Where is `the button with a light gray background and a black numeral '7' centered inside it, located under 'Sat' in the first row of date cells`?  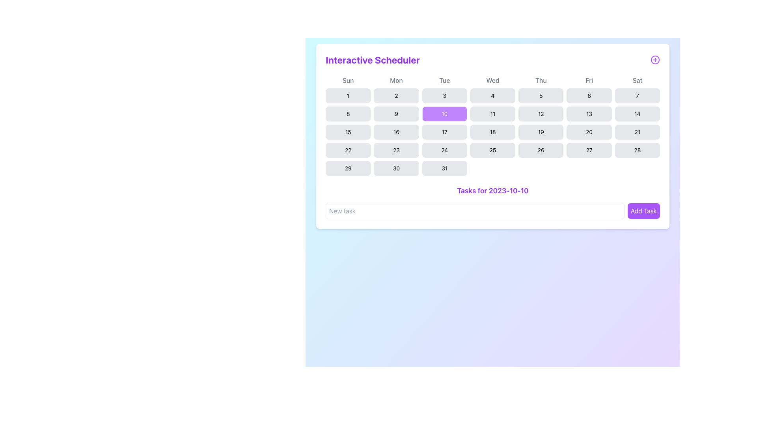
the button with a light gray background and a black numeral '7' centered inside it, located under 'Sat' in the first row of date cells is located at coordinates (637, 95).